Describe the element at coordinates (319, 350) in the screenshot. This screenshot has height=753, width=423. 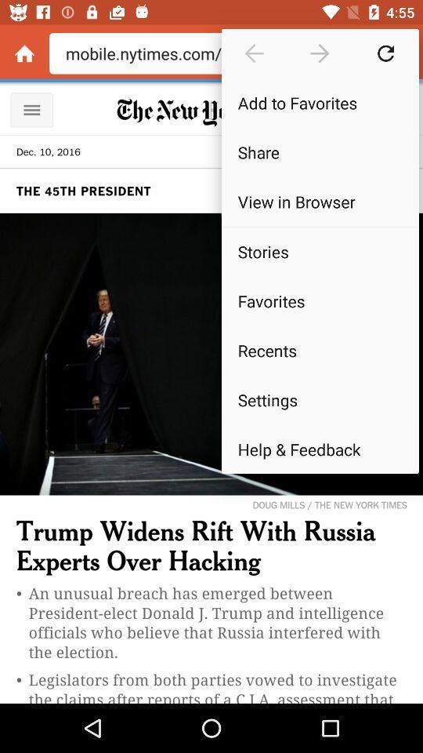
I see `item above settings item` at that location.